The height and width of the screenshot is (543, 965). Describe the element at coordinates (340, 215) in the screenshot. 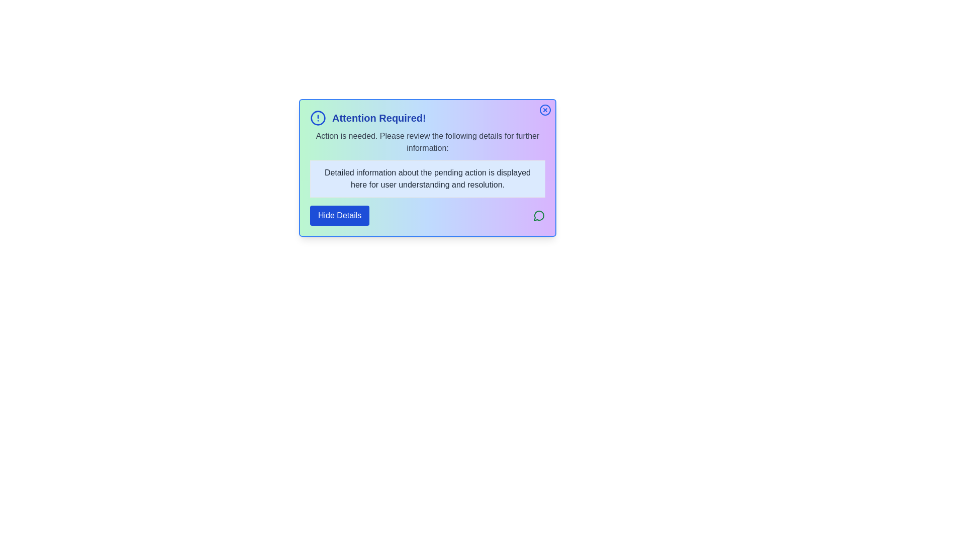

I see `the 'Hide Details' button to toggle the visibility of the detailed information` at that location.